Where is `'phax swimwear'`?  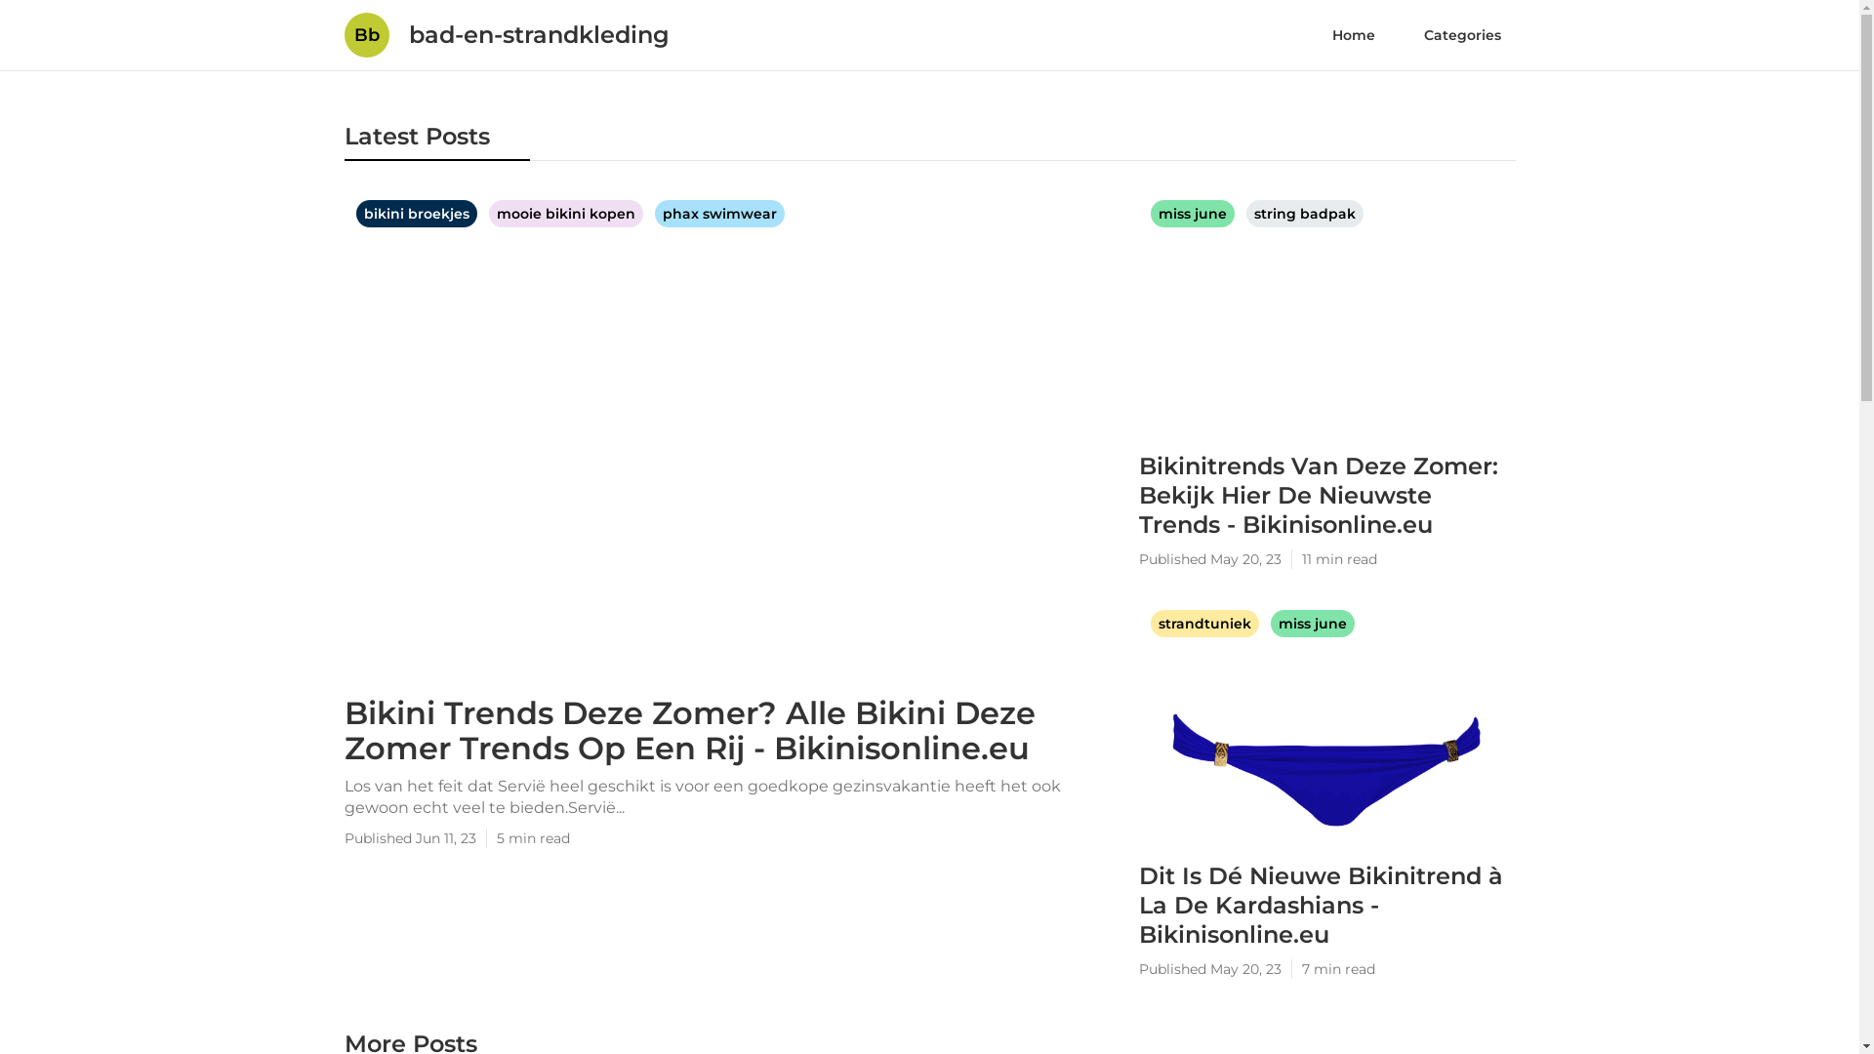 'phax swimwear' is located at coordinates (717, 214).